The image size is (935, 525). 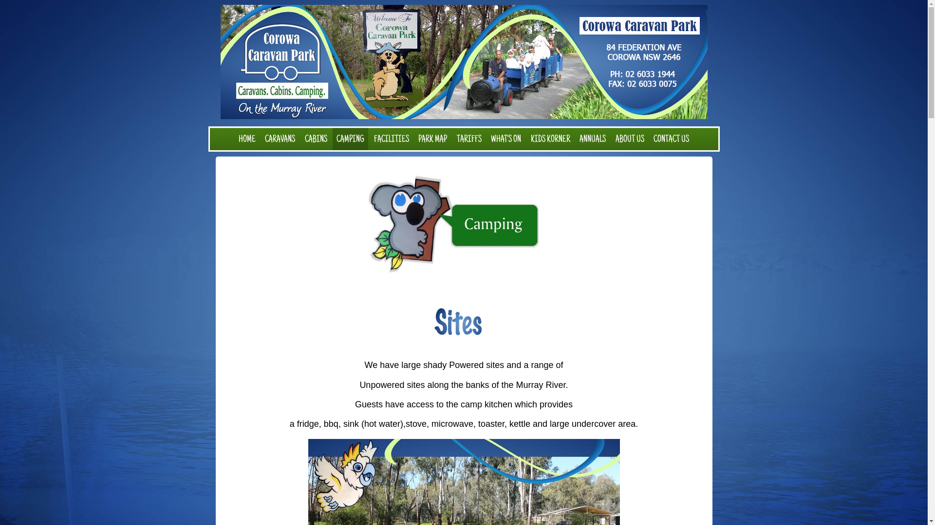 What do you see at coordinates (464, 225) in the screenshot?
I see `'campingsignJPEG.jpg - large'` at bounding box center [464, 225].